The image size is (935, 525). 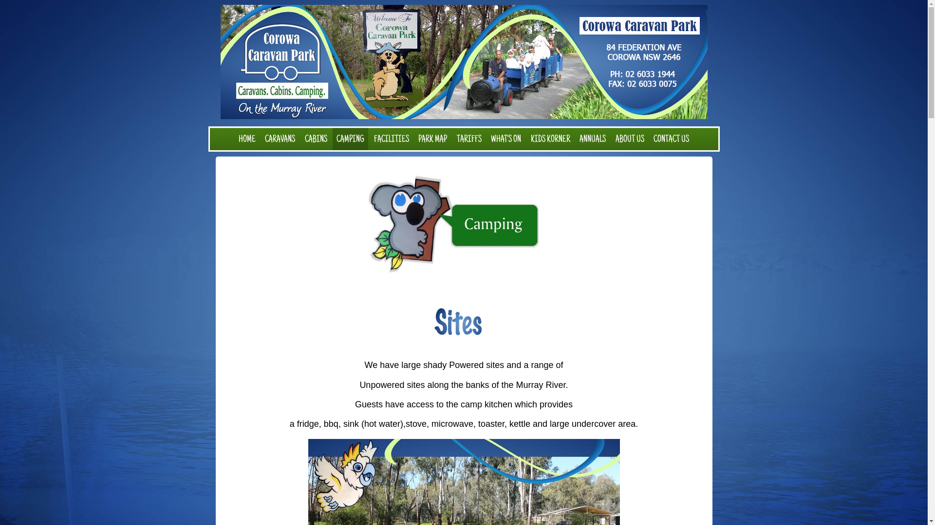 What do you see at coordinates (464, 225) in the screenshot?
I see `'campingsignJPEG.jpg - large'` at bounding box center [464, 225].